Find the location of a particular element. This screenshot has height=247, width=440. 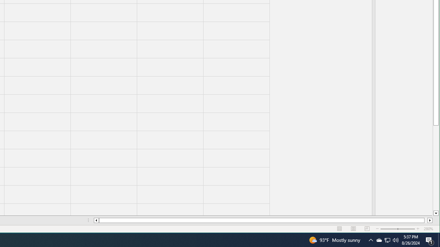

'Notification Chevron' is located at coordinates (387, 239).